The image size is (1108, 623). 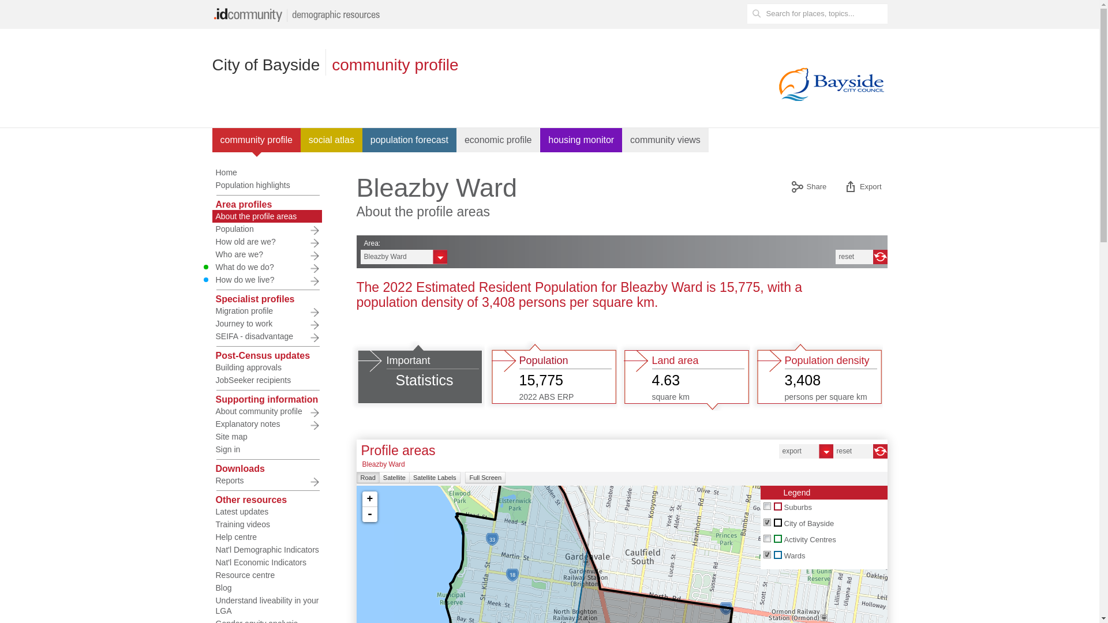 What do you see at coordinates (665, 140) in the screenshot?
I see `'community views'` at bounding box center [665, 140].